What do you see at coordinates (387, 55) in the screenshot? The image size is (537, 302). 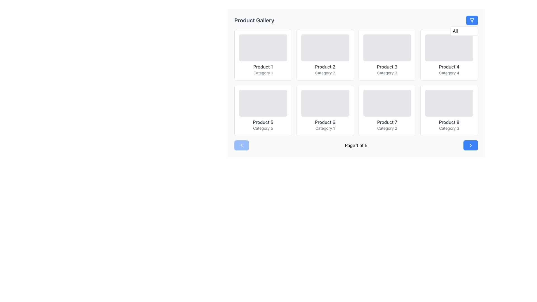 I see `the third card in the product gallery, which displays a product listing including the product's name and category` at bounding box center [387, 55].